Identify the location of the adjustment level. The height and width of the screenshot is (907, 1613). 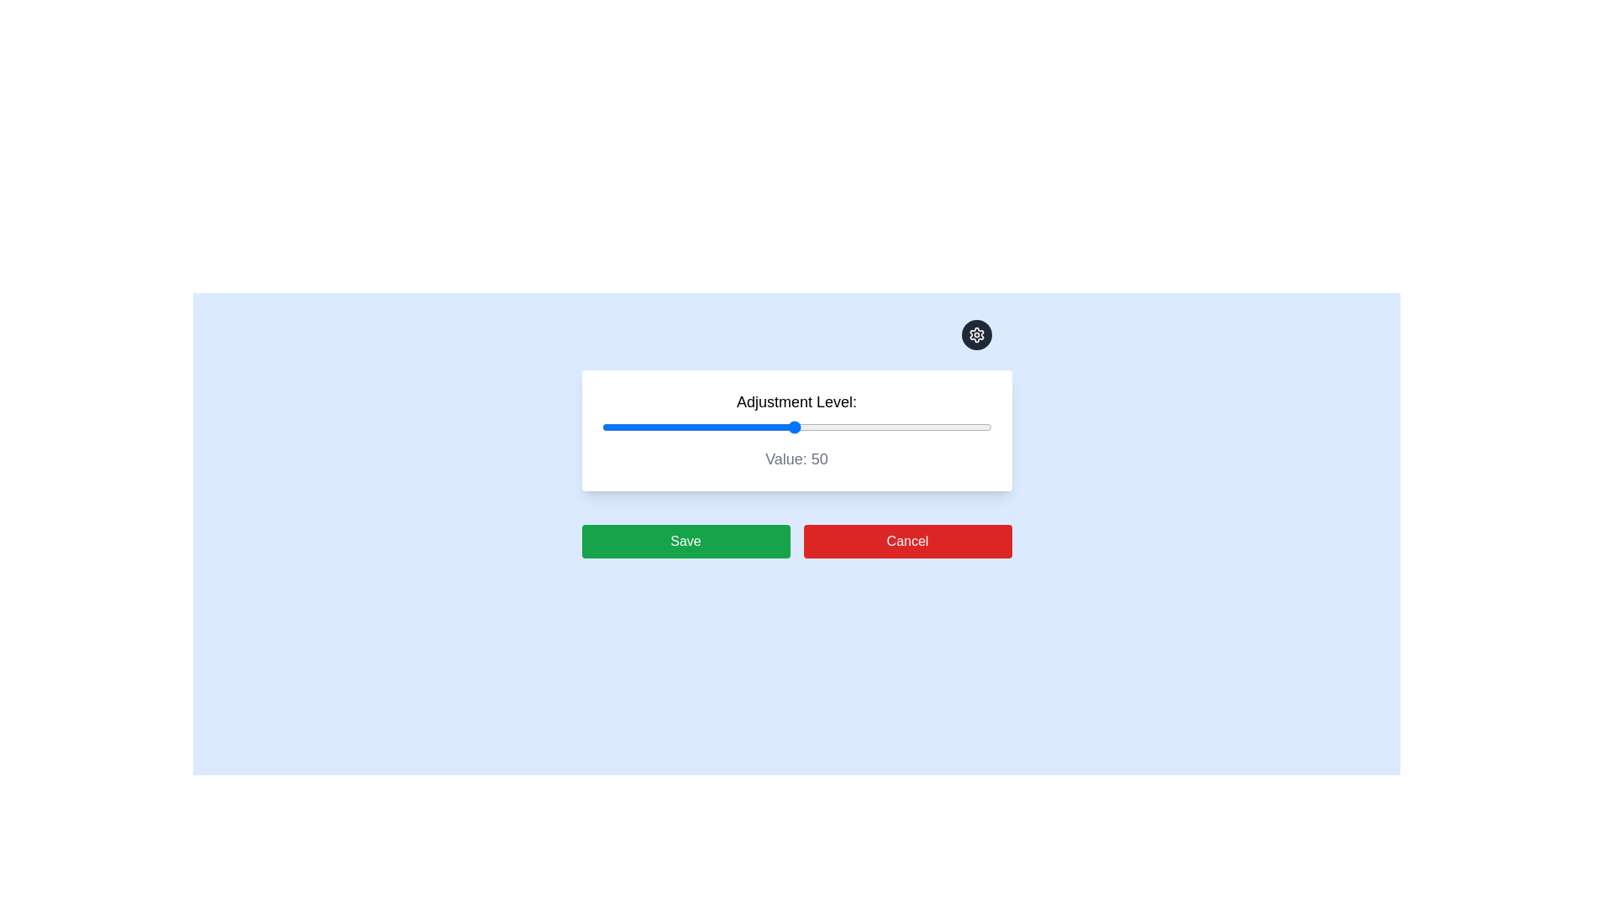
(664, 427).